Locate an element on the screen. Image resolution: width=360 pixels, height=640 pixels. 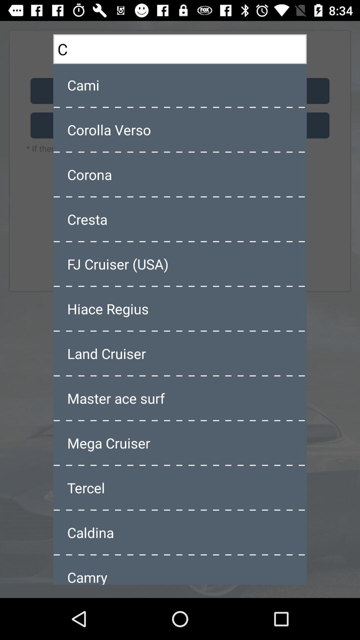
cami is located at coordinates (180, 84).